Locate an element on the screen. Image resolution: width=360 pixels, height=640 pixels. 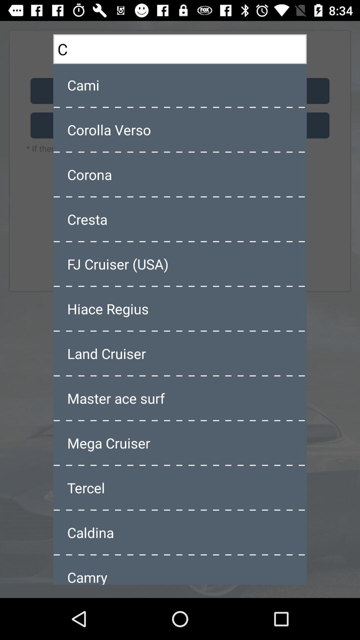
cami is located at coordinates (180, 84).